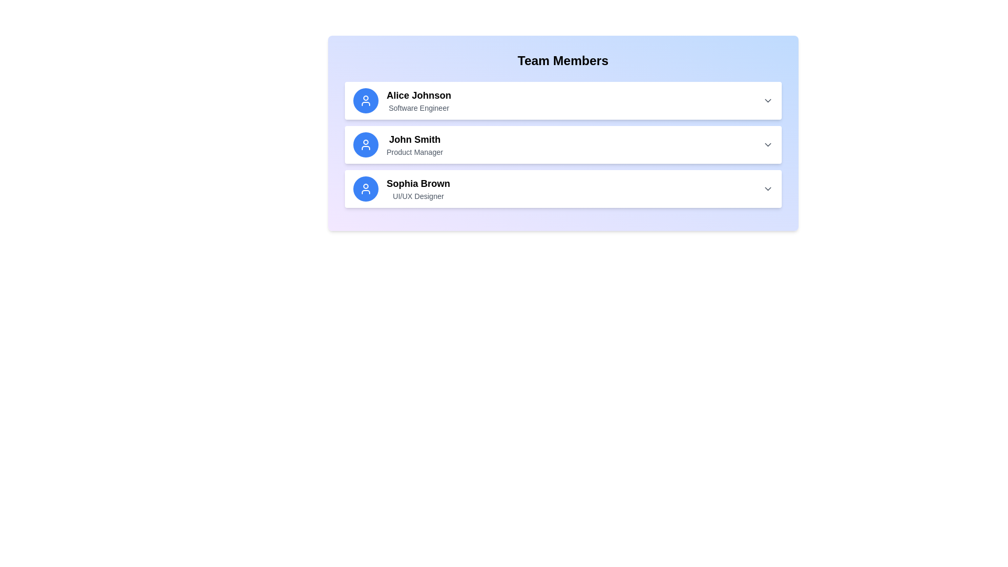  What do you see at coordinates (562, 188) in the screenshot?
I see `the Profile card that displays information about a team member, positioned as the third item in the list under the 'Team Members' section` at bounding box center [562, 188].